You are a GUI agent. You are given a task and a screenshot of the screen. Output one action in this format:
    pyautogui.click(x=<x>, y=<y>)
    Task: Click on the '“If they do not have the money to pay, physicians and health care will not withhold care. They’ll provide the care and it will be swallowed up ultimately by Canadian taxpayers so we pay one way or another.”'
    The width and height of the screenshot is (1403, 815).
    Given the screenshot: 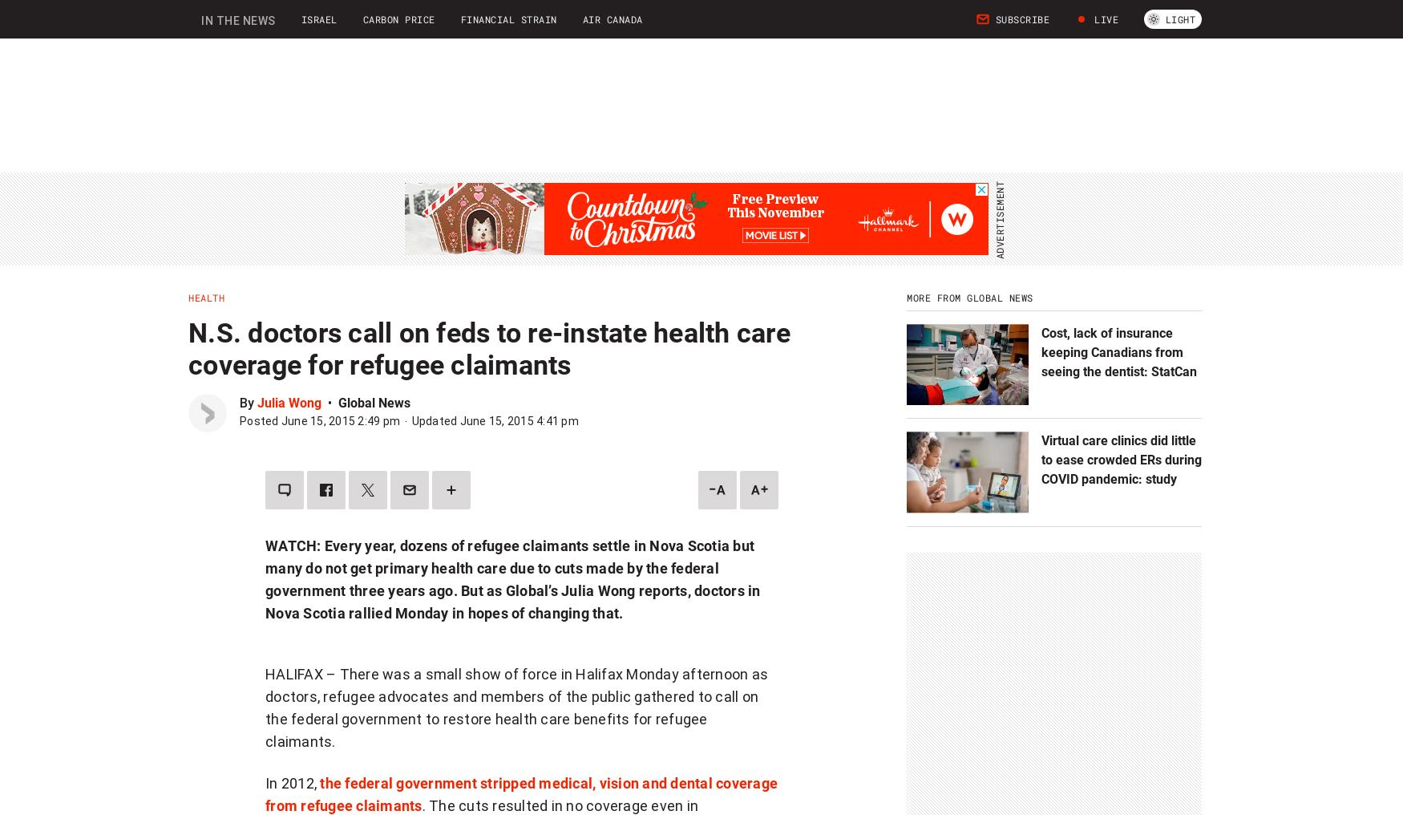 What is the action you would take?
    pyautogui.click(x=514, y=129)
    